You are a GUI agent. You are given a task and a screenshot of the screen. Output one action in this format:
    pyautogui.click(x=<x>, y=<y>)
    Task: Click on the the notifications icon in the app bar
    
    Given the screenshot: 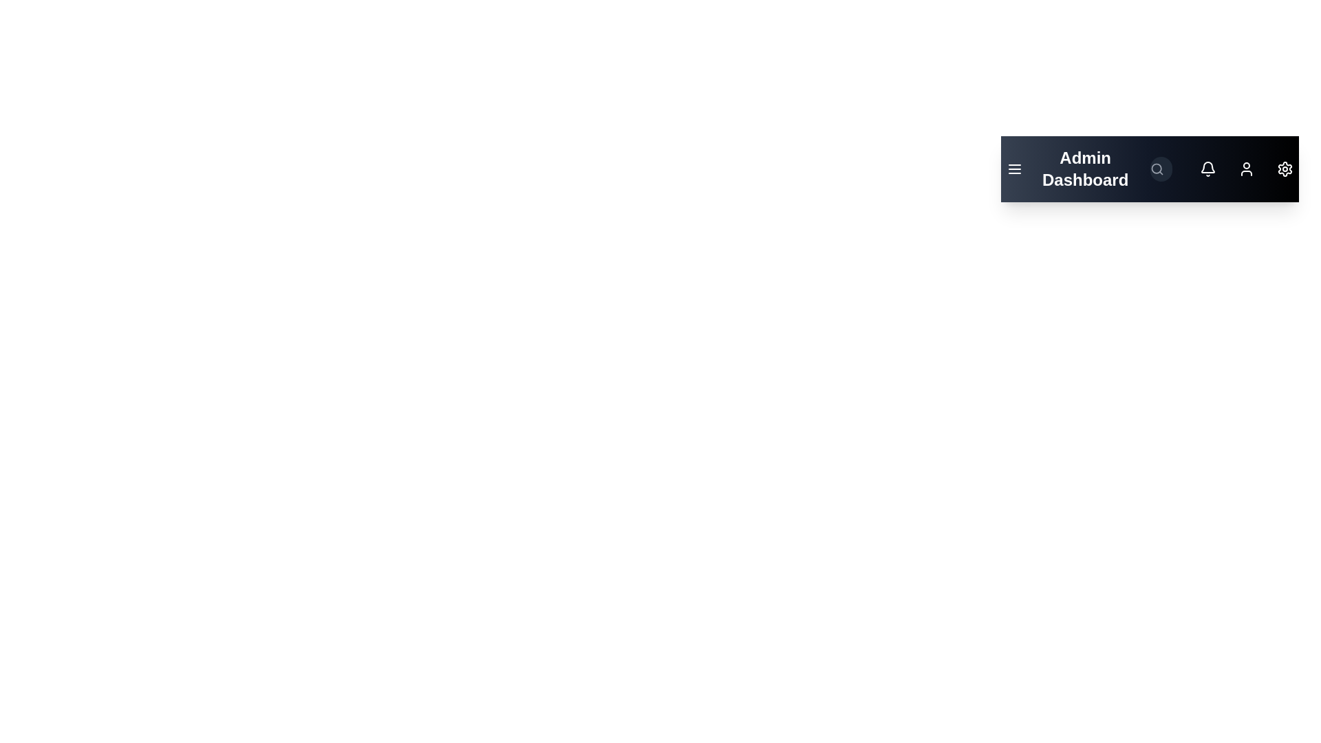 What is the action you would take?
    pyautogui.click(x=1207, y=169)
    